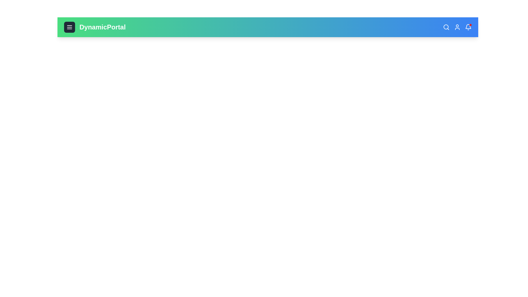 The width and height of the screenshot is (528, 297). I want to click on the user icon to access user-related functions, so click(457, 27).